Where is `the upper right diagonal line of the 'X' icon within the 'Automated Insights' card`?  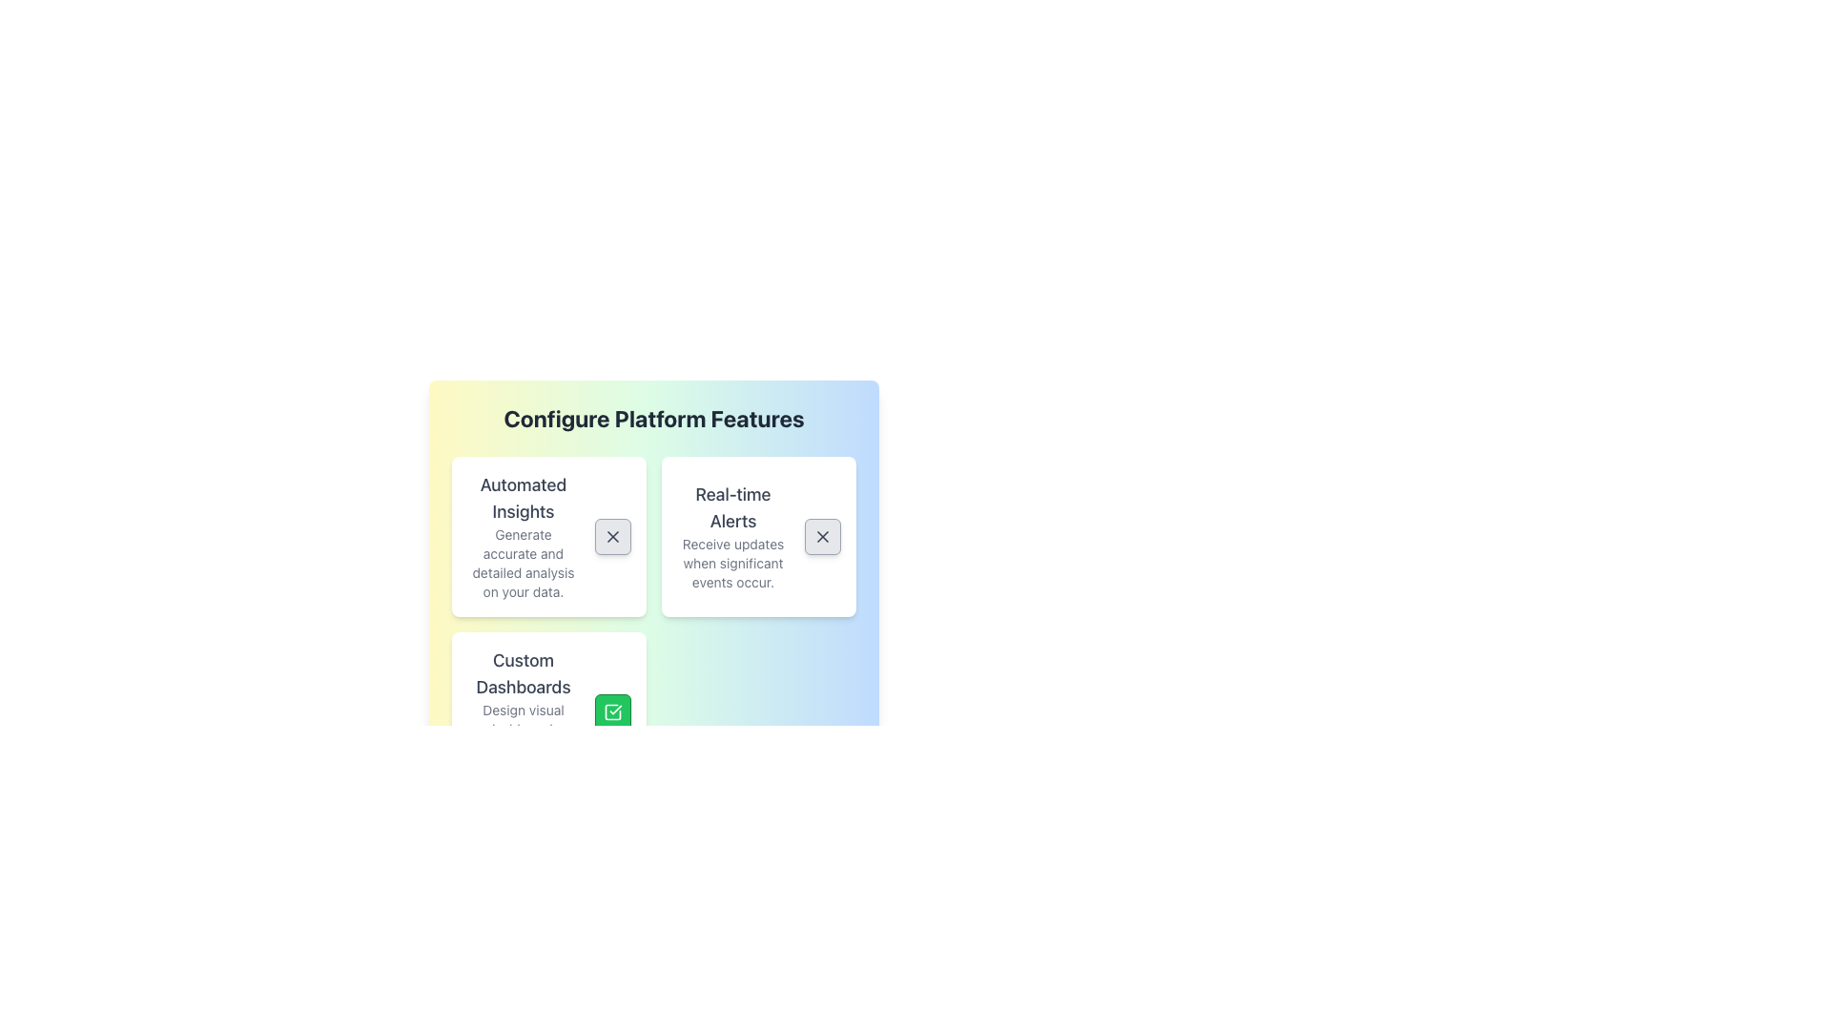
the upper right diagonal line of the 'X' icon within the 'Automated Insights' card is located at coordinates (613, 537).